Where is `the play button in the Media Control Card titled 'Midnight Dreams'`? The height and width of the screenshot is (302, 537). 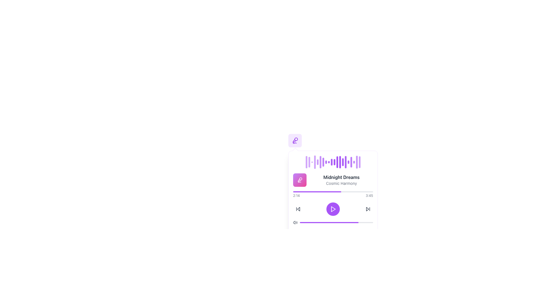 the play button in the Media Control Card titled 'Midnight Dreams' is located at coordinates (333, 199).